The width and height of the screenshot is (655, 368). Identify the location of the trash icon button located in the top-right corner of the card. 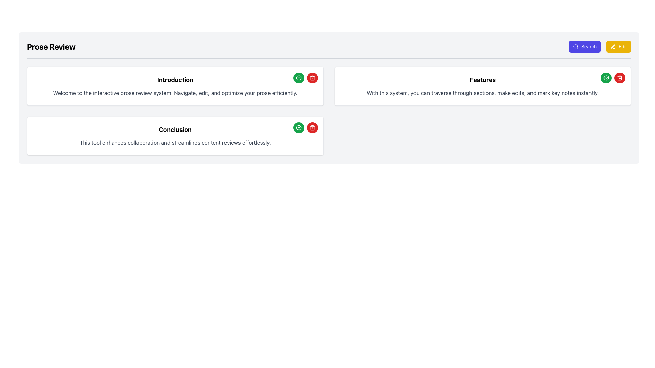
(312, 127).